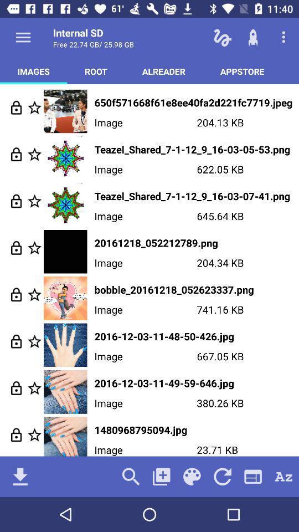 This screenshot has width=299, height=532. What do you see at coordinates (34, 200) in the screenshot?
I see `to favorites` at bounding box center [34, 200].